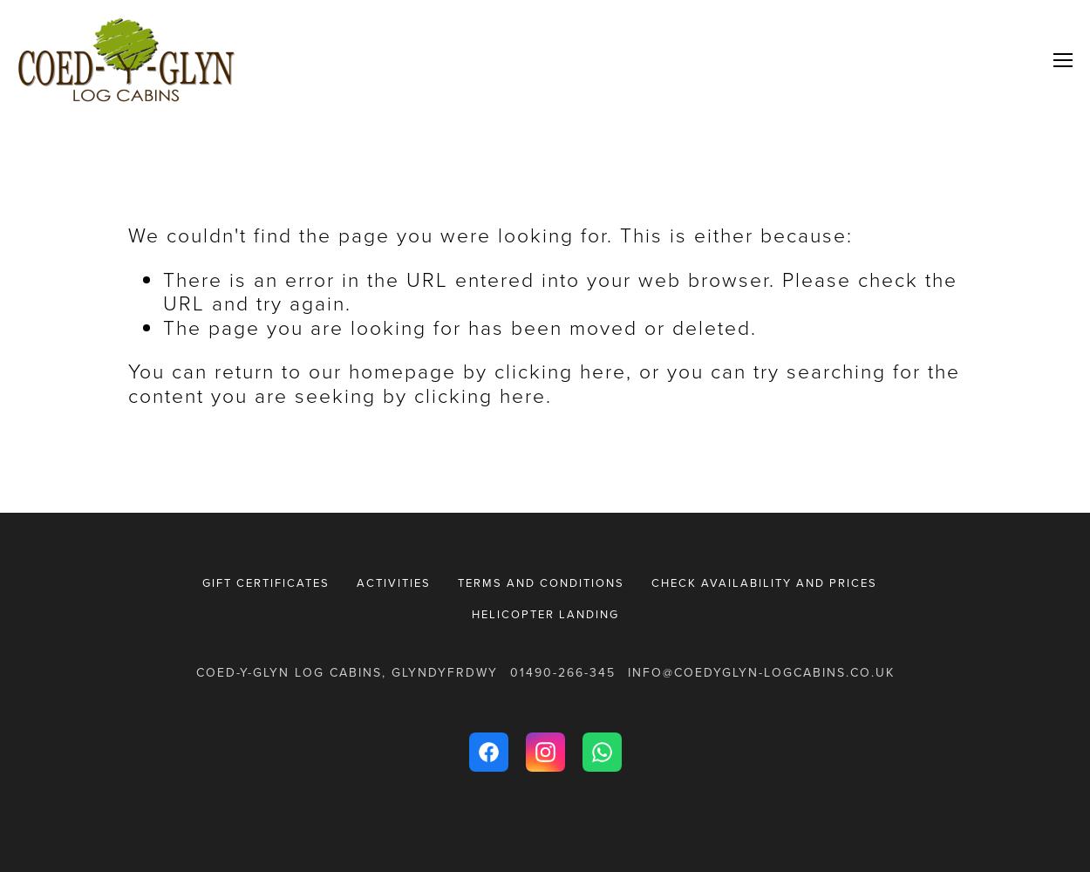 This screenshot has width=1090, height=872. Describe the element at coordinates (895, 150) in the screenshot. I see `'F.A.Q's'` at that location.